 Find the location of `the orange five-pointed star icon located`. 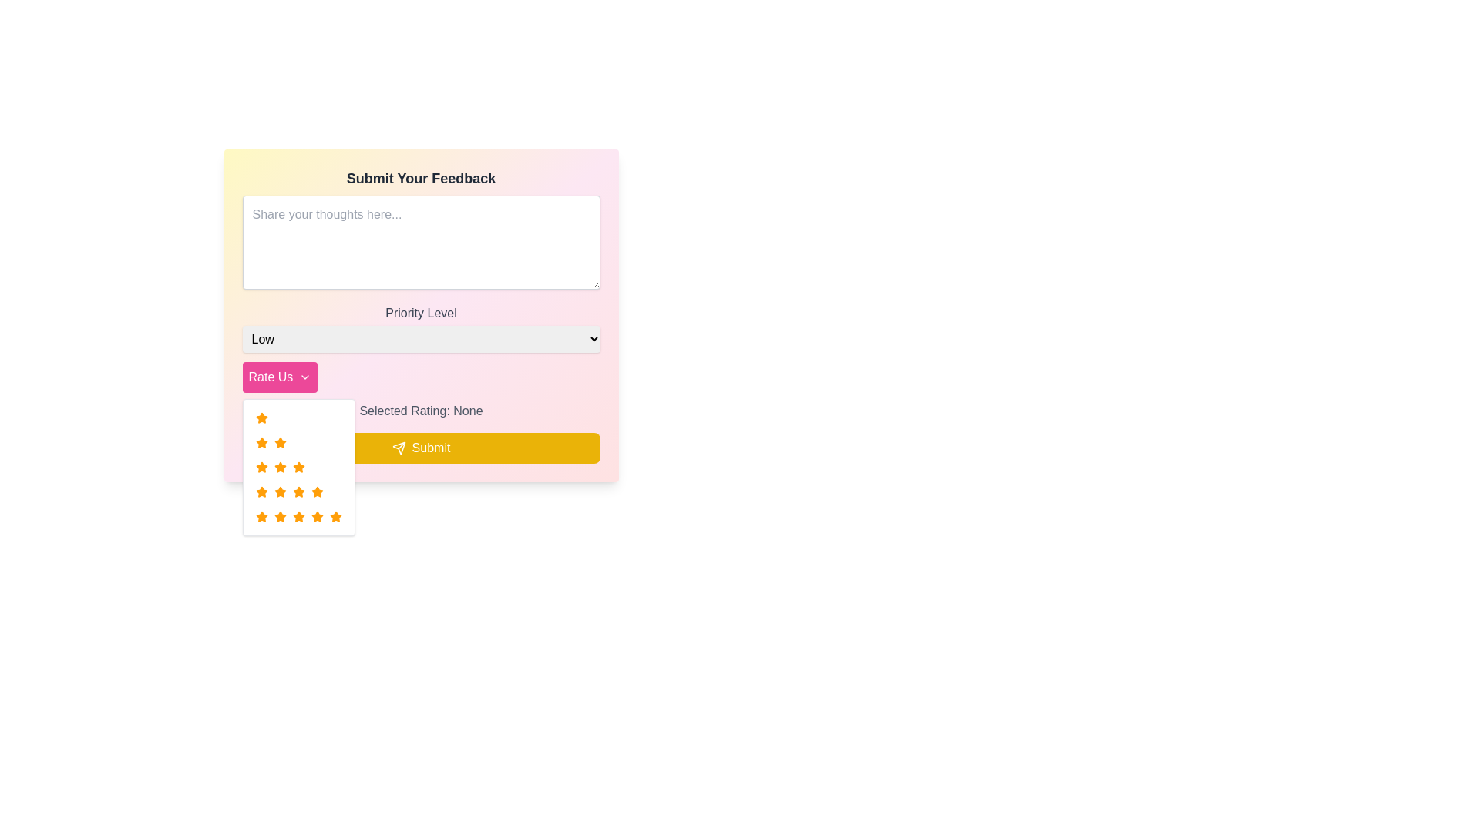

the orange five-pointed star icon located is located at coordinates (280, 442).